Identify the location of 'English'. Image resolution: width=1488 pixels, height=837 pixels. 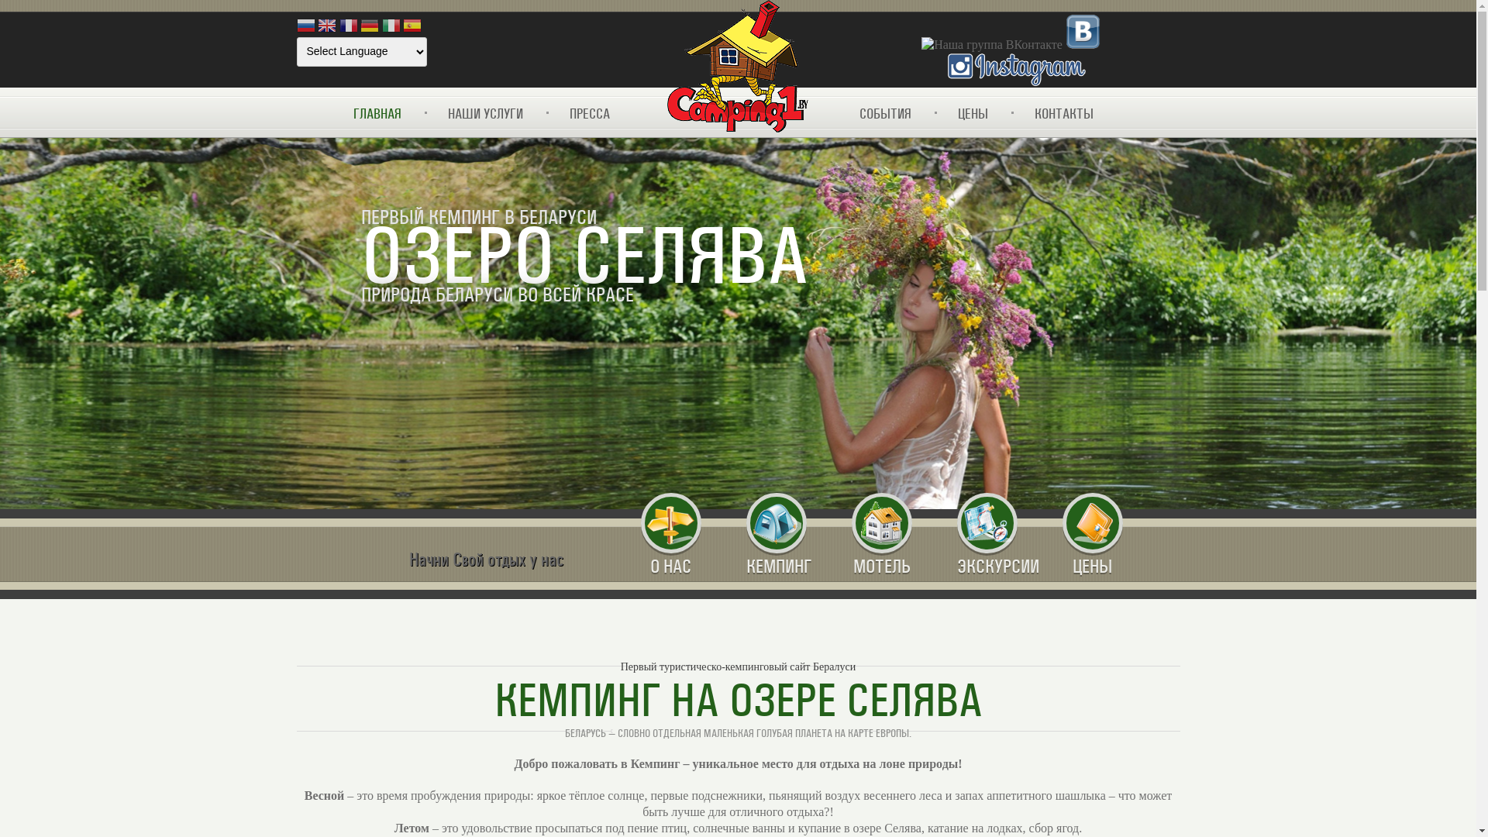
(326, 26).